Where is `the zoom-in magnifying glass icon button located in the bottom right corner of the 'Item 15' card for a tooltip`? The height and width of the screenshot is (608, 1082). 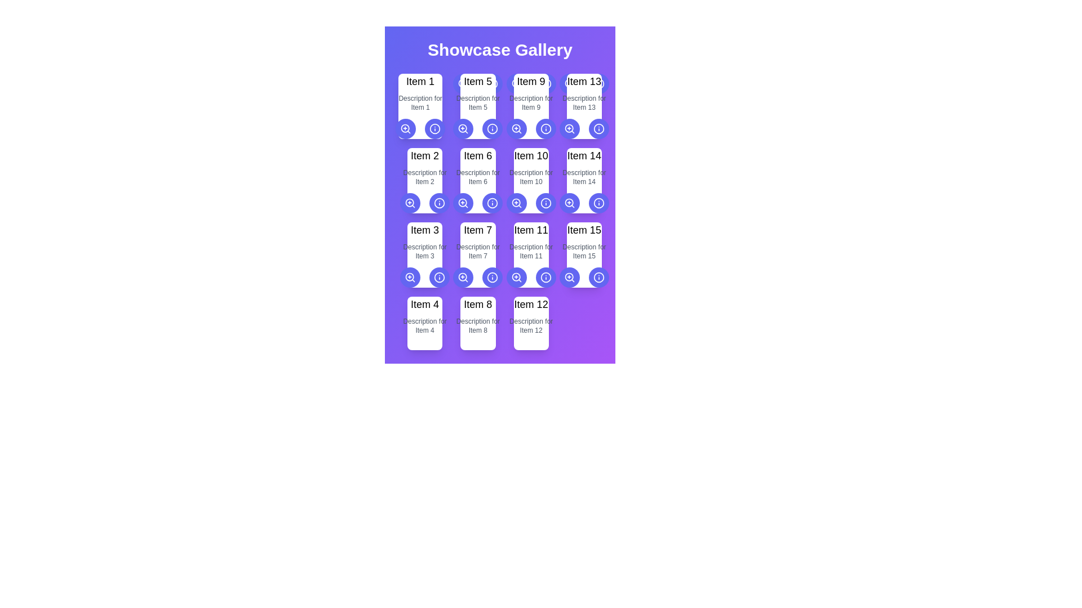 the zoom-in magnifying glass icon button located in the bottom right corner of the 'Item 15' card for a tooltip is located at coordinates (569, 278).